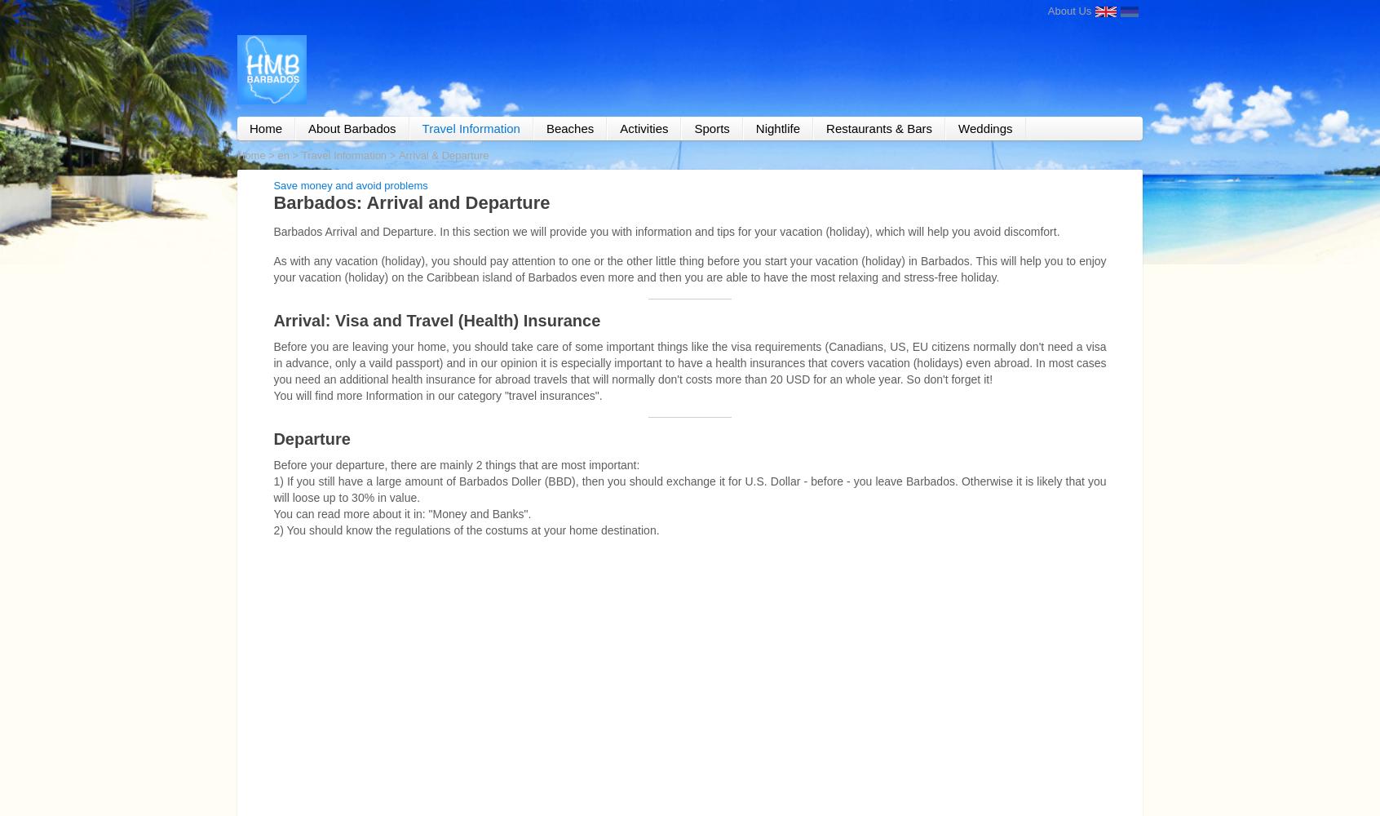 The width and height of the screenshot is (1380, 816). Describe the element at coordinates (456, 463) in the screenshot. I see `'Before your departure, there are mainly 2 things that are most important:'` at that location.